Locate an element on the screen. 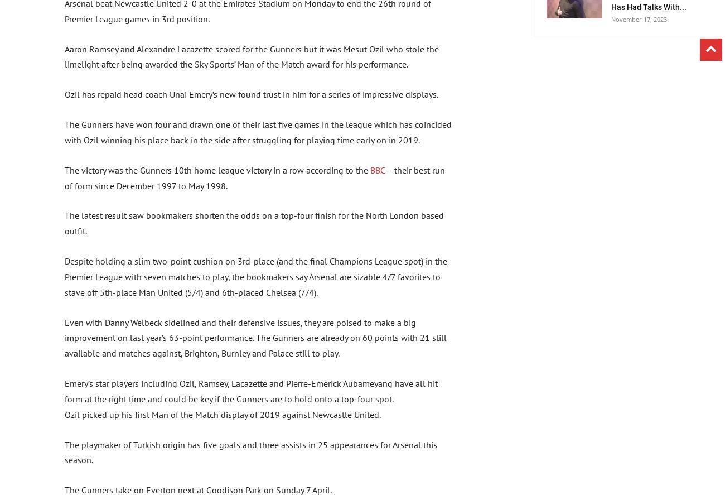  'Ozil has repaid head coach Unai Emery’s new found trust in him for a series of impressive displays.' is located at coordinates (250, 93).